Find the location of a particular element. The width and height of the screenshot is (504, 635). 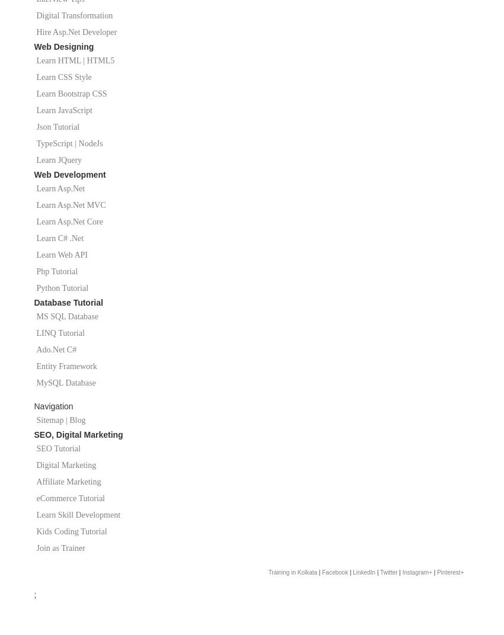

'Pinterest+' is located at coordinates (450, 572).